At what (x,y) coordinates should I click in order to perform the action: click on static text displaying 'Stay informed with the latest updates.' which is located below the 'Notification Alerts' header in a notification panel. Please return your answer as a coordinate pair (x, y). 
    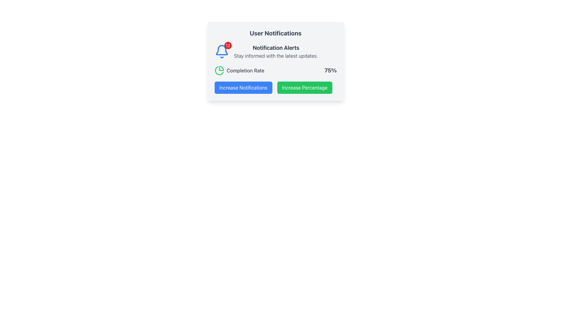
    Looking at the image, I should click on (275, 56).